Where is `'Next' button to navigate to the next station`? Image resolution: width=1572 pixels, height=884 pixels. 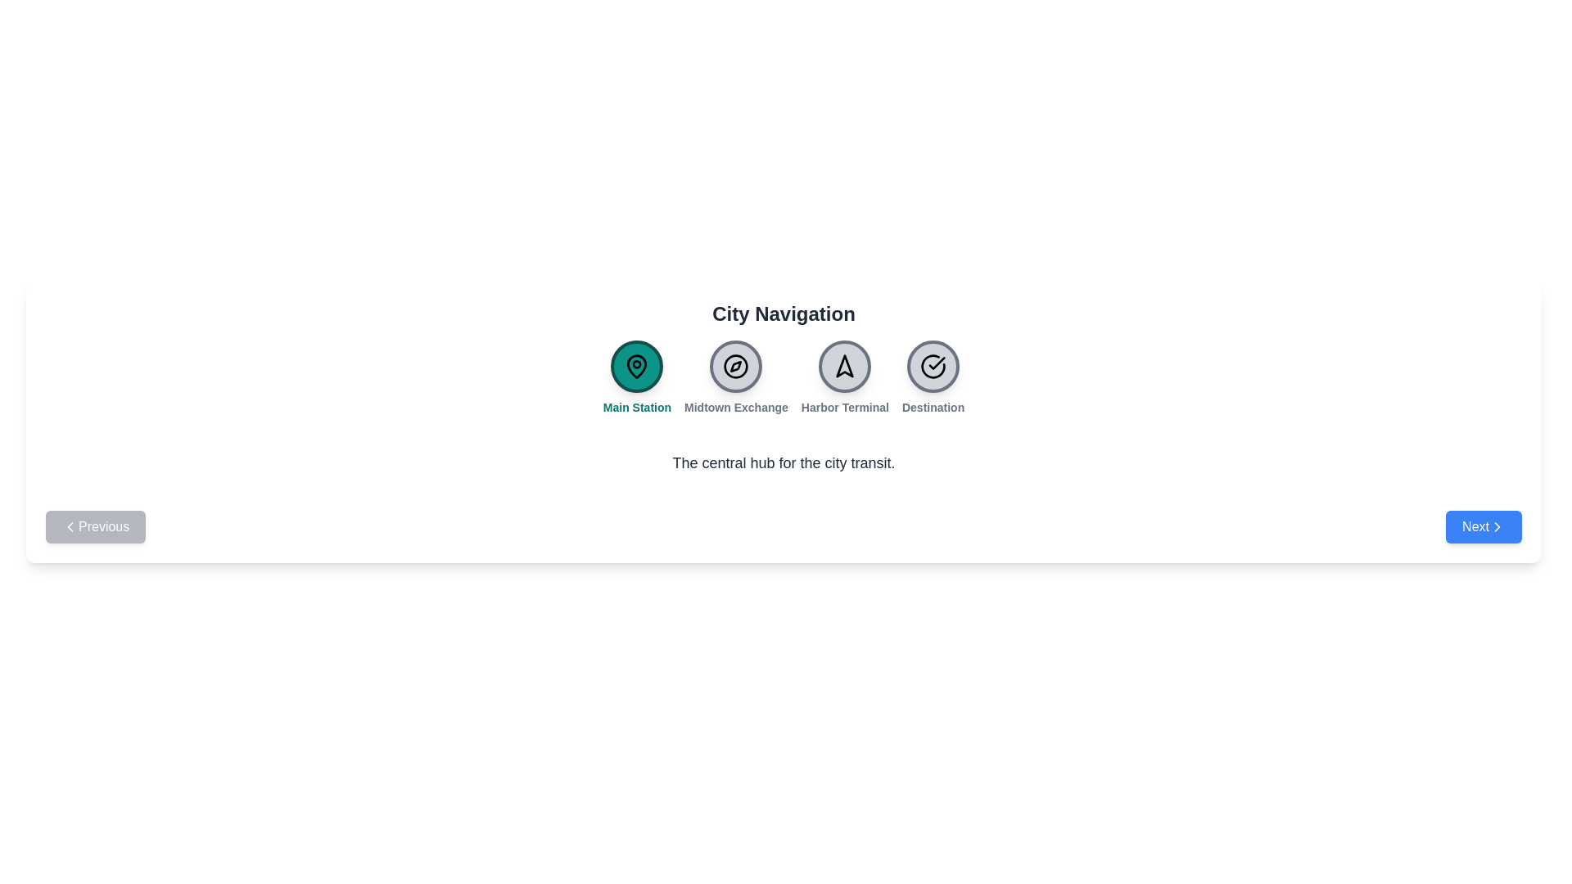 'Next' button to navigate to the next station is located at coordinates (1484, 527).